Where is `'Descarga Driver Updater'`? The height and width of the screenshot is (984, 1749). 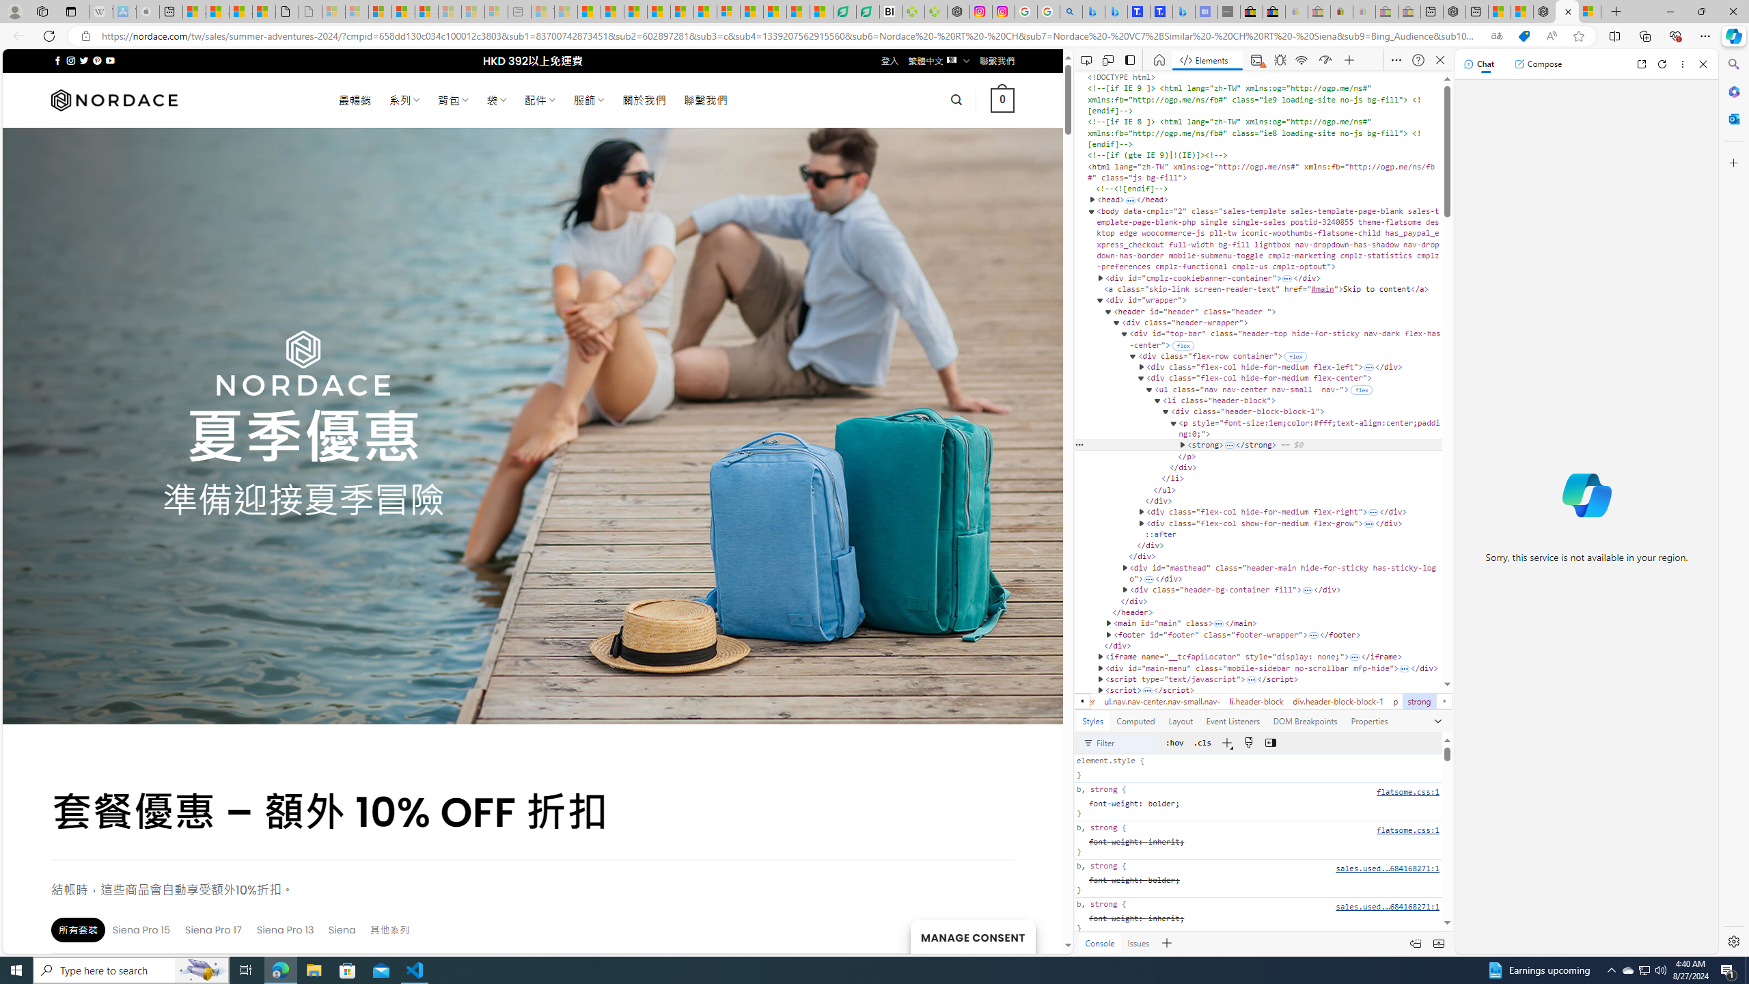 'Descarga Driver Updater' is located at coordinates (935, 11).